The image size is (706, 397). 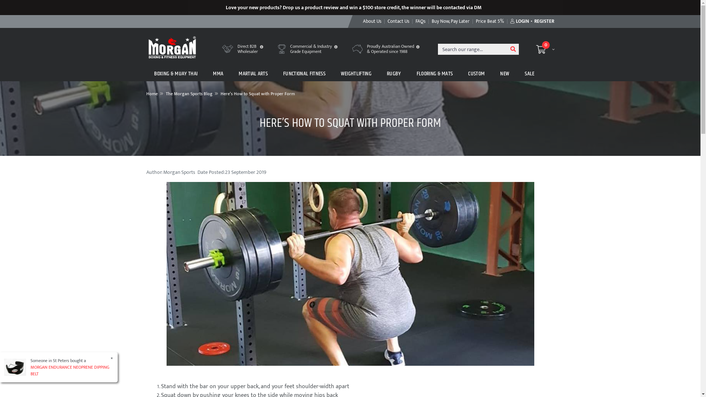 I want to click on 'Price Beat 5%', so click(x=490, y=21).